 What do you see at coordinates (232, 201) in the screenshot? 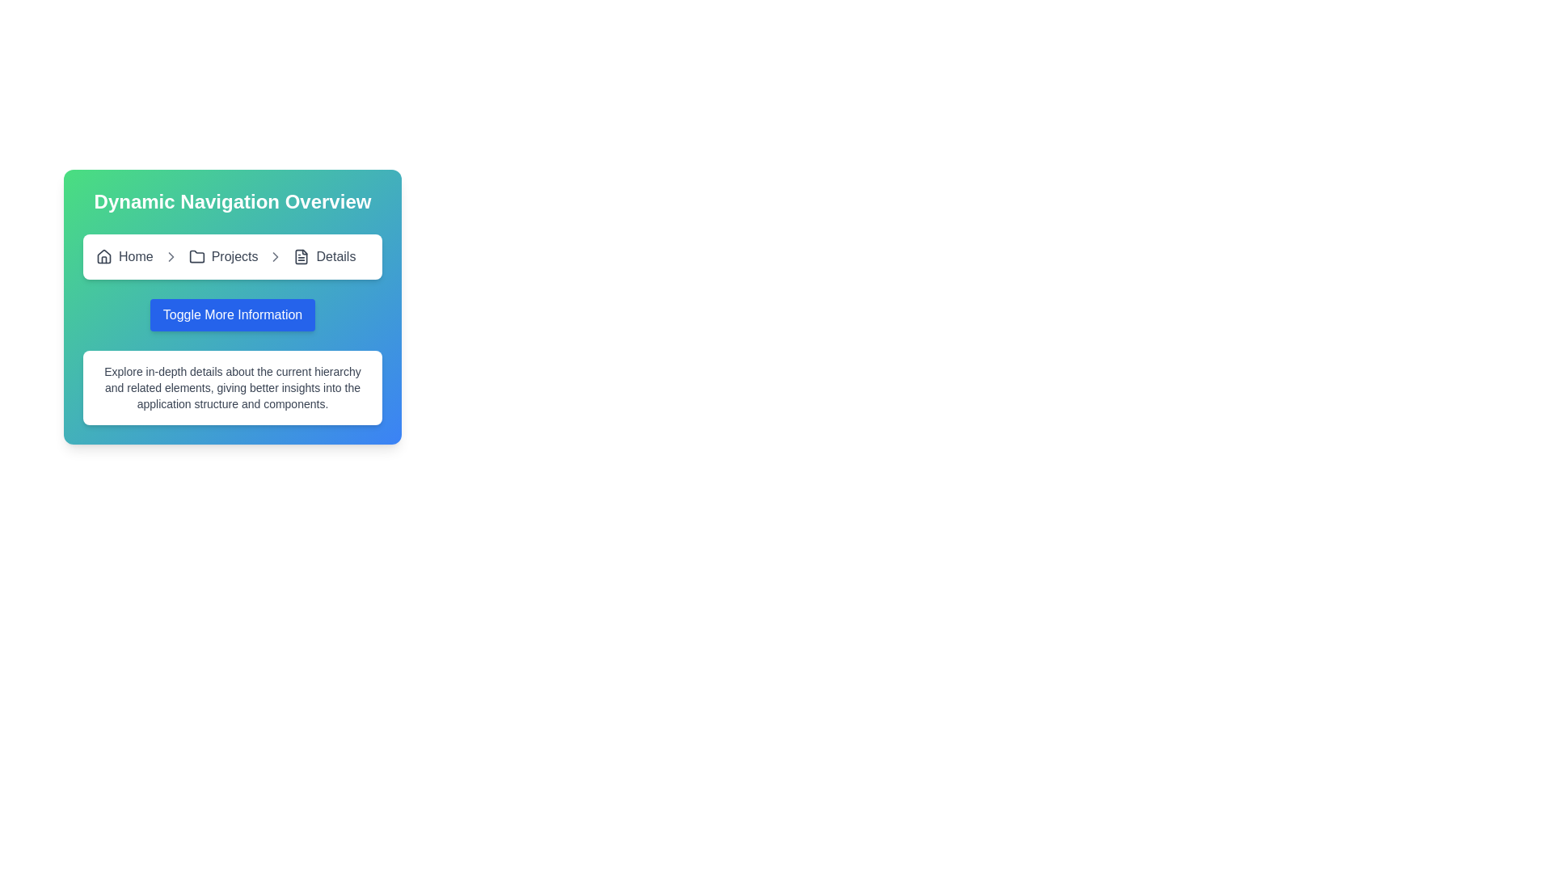
I see `prominently styled text 'Dynamic Navigation Overview' which is located at the top of the card-like component with a green-to-blue gradient background` at bounding box center [232, 201].